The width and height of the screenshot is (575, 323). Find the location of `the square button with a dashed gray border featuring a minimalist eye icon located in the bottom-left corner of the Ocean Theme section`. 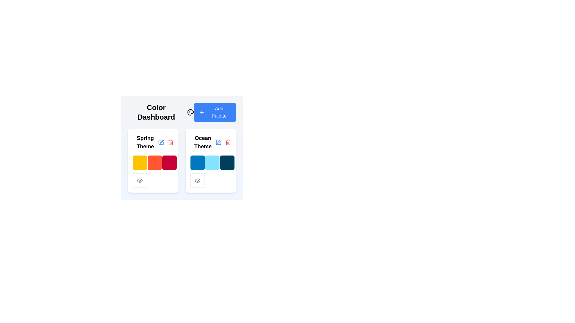

the square button with a dashed gray border featuring a minimalist eye icon located in the bottom-left corner of the Ocean Theme section is located at coordinates (197, 180).